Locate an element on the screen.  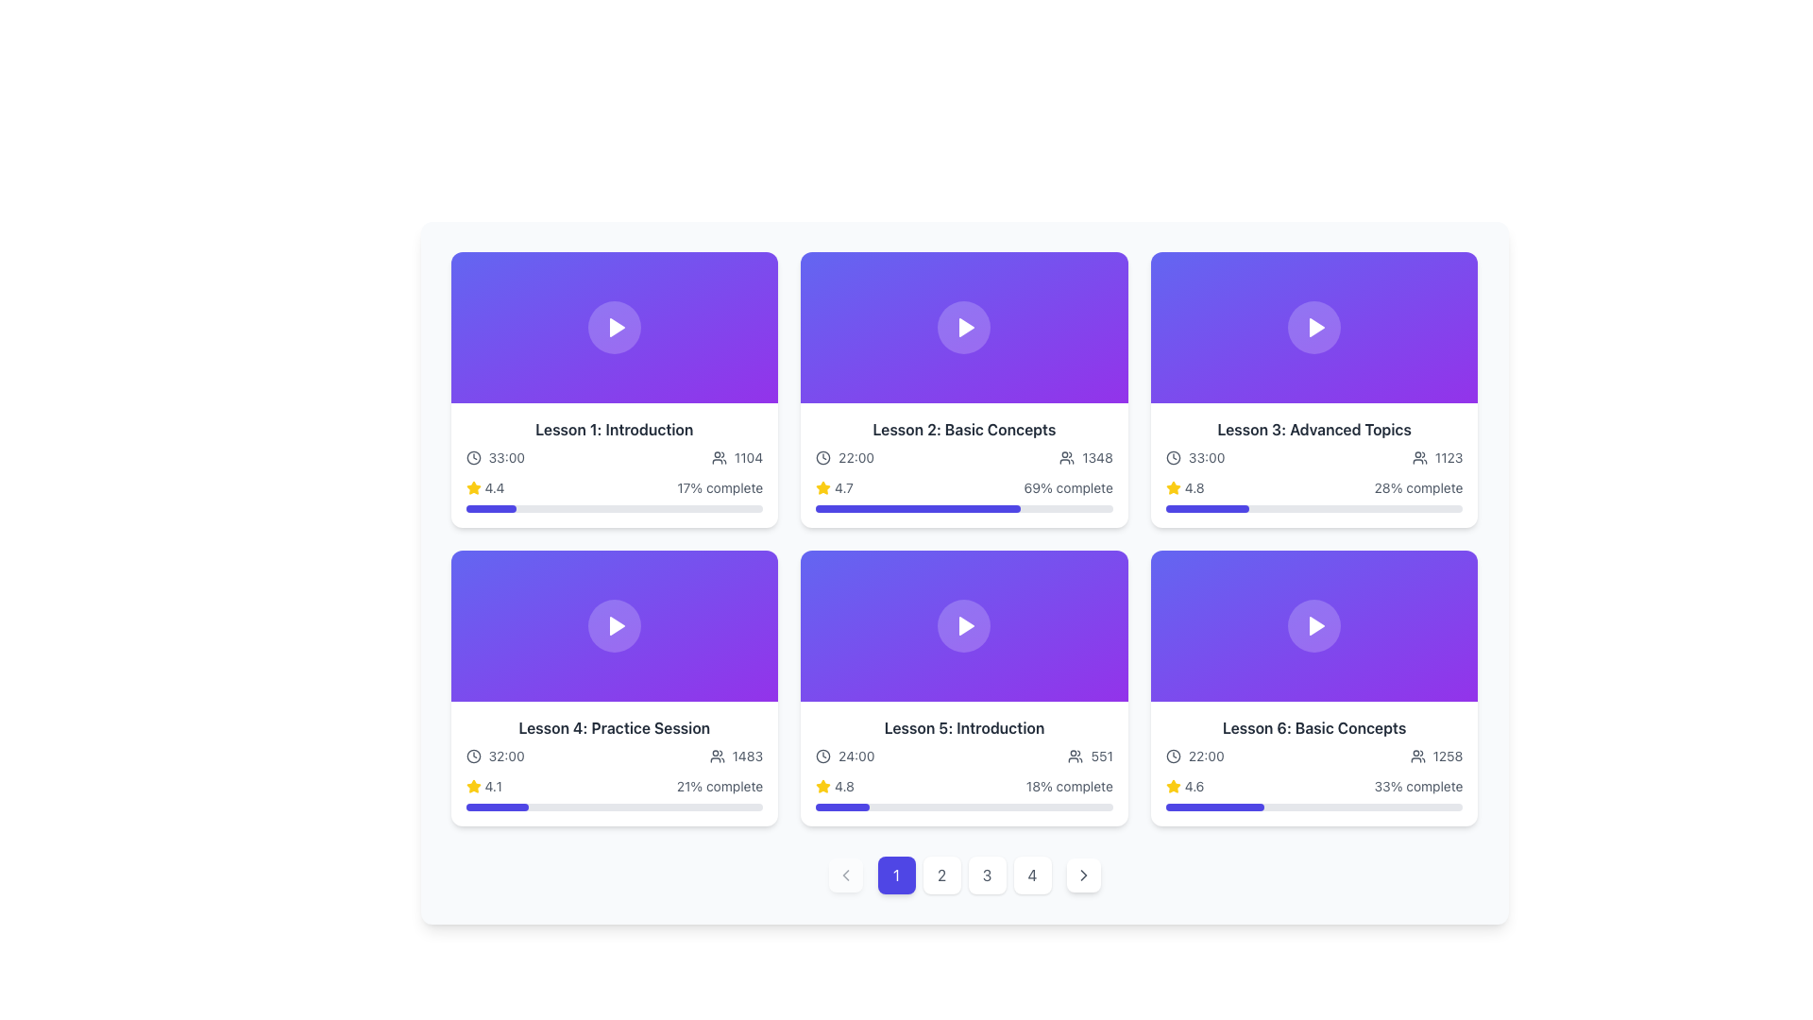
the third pagination button located at the bottom-center of the interface is located at coordinates (986, 875).